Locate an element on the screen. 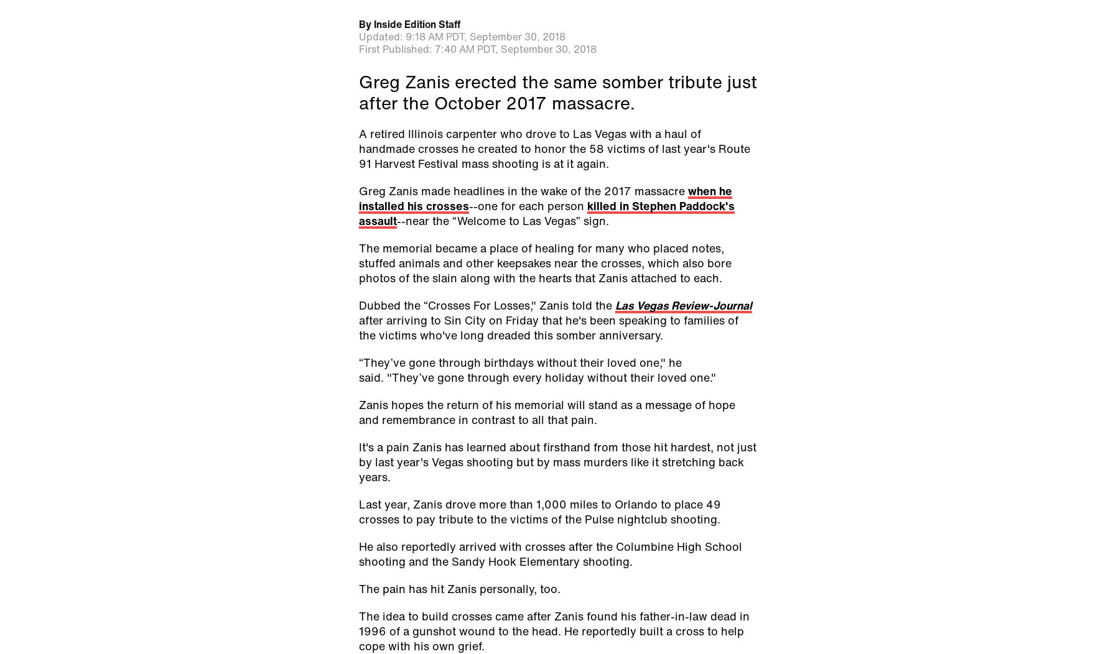 This screenshot has width=1116, height=654. 'The idea to build crosses came after Zanis found his father-in-law dead in 1996 of a gunshot wound to the head. He reportedly built a cross to help cope with his own grief.' is located at coordinates (554, 630).